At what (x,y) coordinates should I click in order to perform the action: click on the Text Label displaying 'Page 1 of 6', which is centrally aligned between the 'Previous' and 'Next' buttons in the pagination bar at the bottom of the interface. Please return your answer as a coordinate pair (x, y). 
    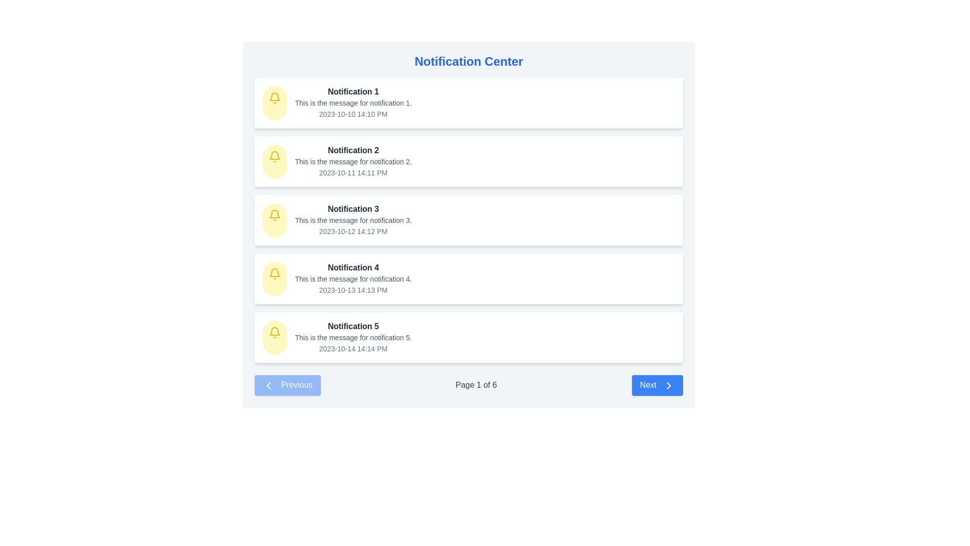
    Looking at the image, I should click on (475, 385).